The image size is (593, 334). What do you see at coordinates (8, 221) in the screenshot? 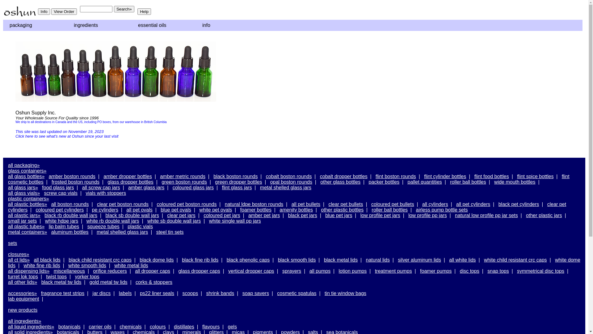
I see `'small jar sets'` at bounding box center [8, 221].